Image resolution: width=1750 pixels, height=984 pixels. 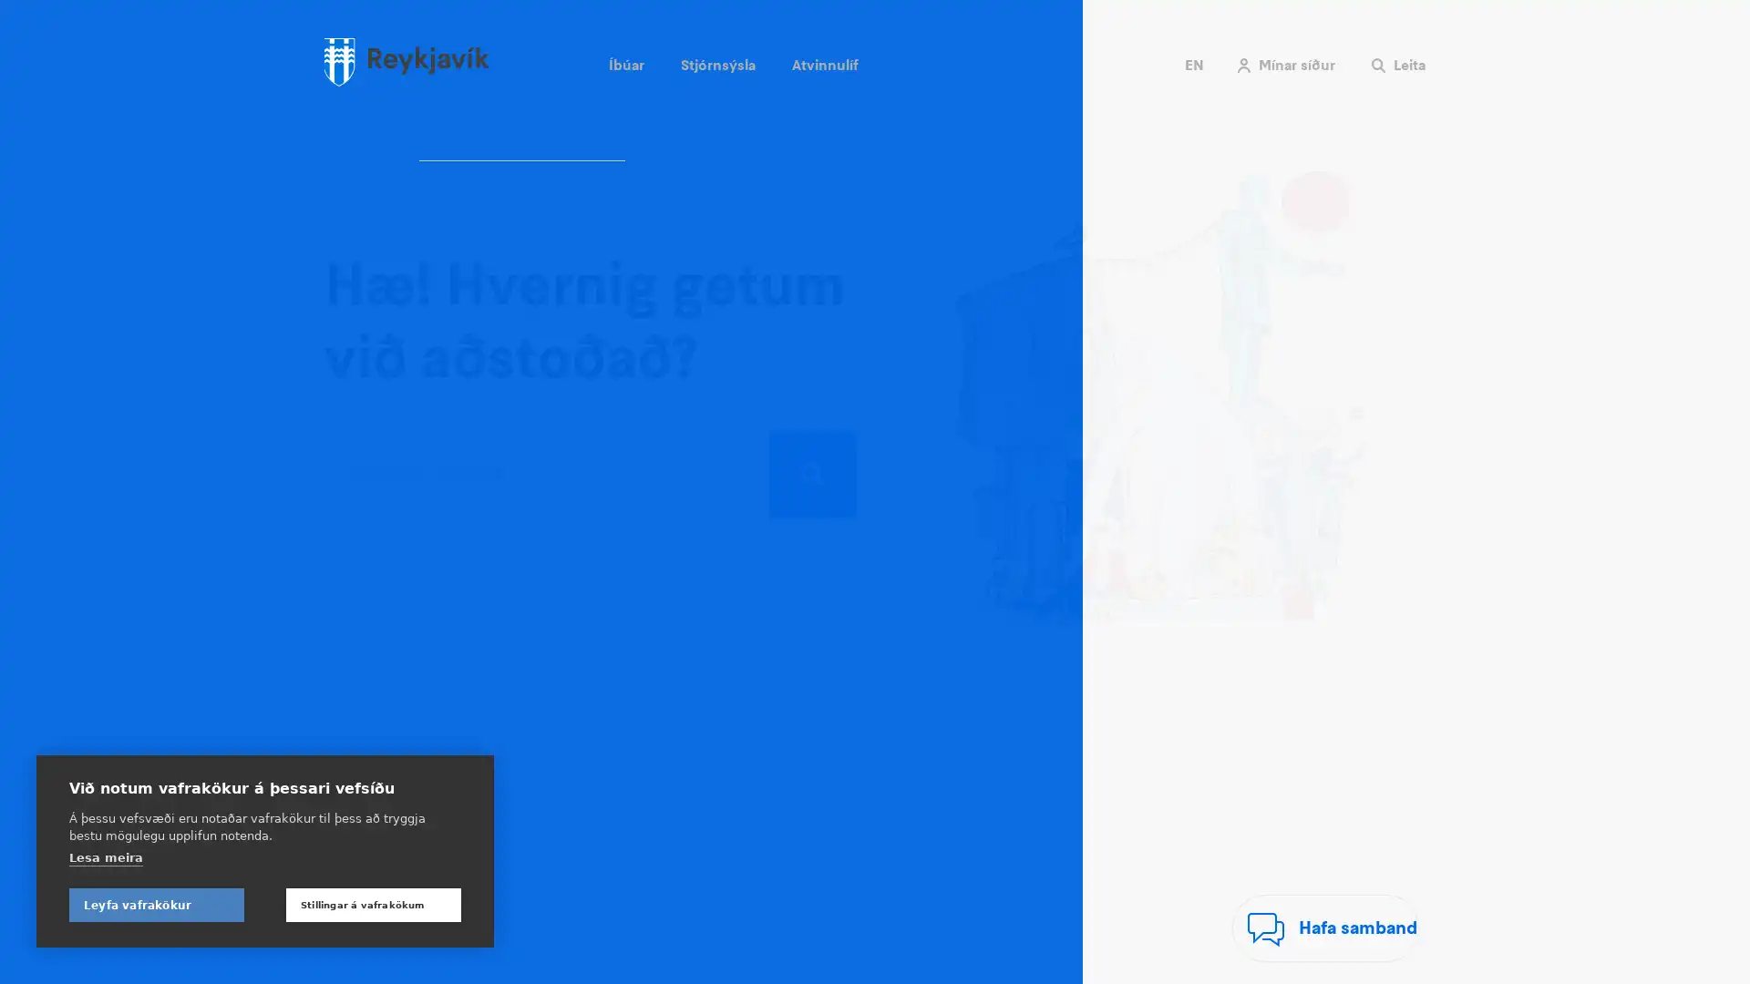 What do you see at coordinates (372, 905) in the screenshot?
I see `Stillingar a vafrakokum` at bounding box center [372, 905].